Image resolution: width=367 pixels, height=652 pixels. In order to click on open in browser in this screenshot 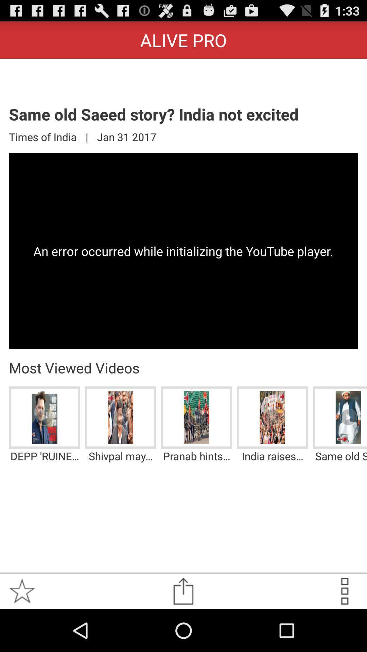, I will do `click(183, 591)`.